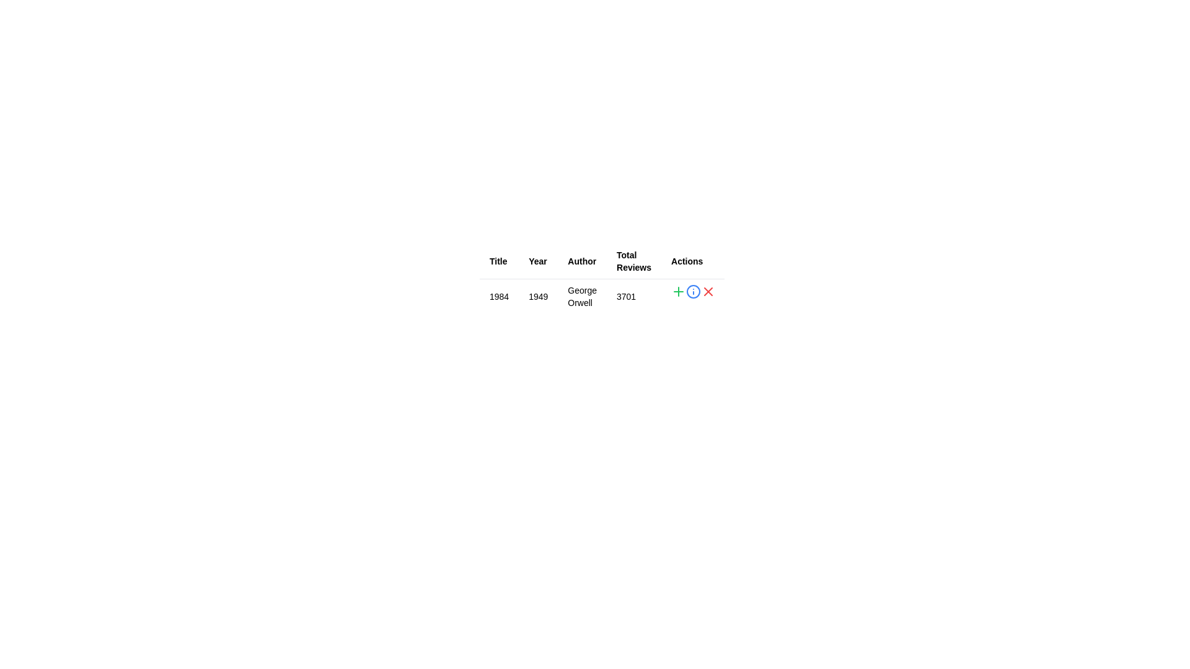 Image resolution: width=1190 pixels, height=669 pixels. What do you see at coordinates (499, 296) in the screenshot?
I see `the text label containing '1984' in the 'Title' column of the table` at bounding box center [499, 296].